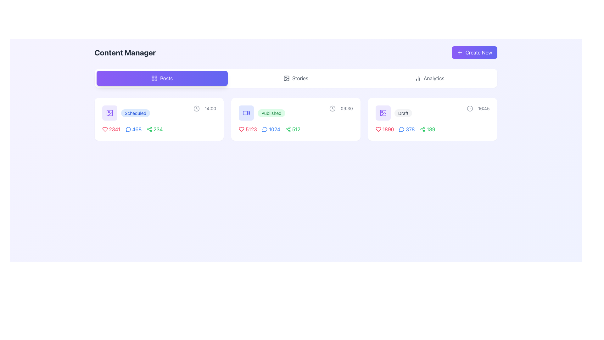 The image size is (604, 340). What do you see at coordinates (332, 108) in the screenshot?
I see `the circular clock icon with a thin gray border and black clock hands, which is located in the third card adjacent to the time text '09:30'` at bounding box center [332, 108].